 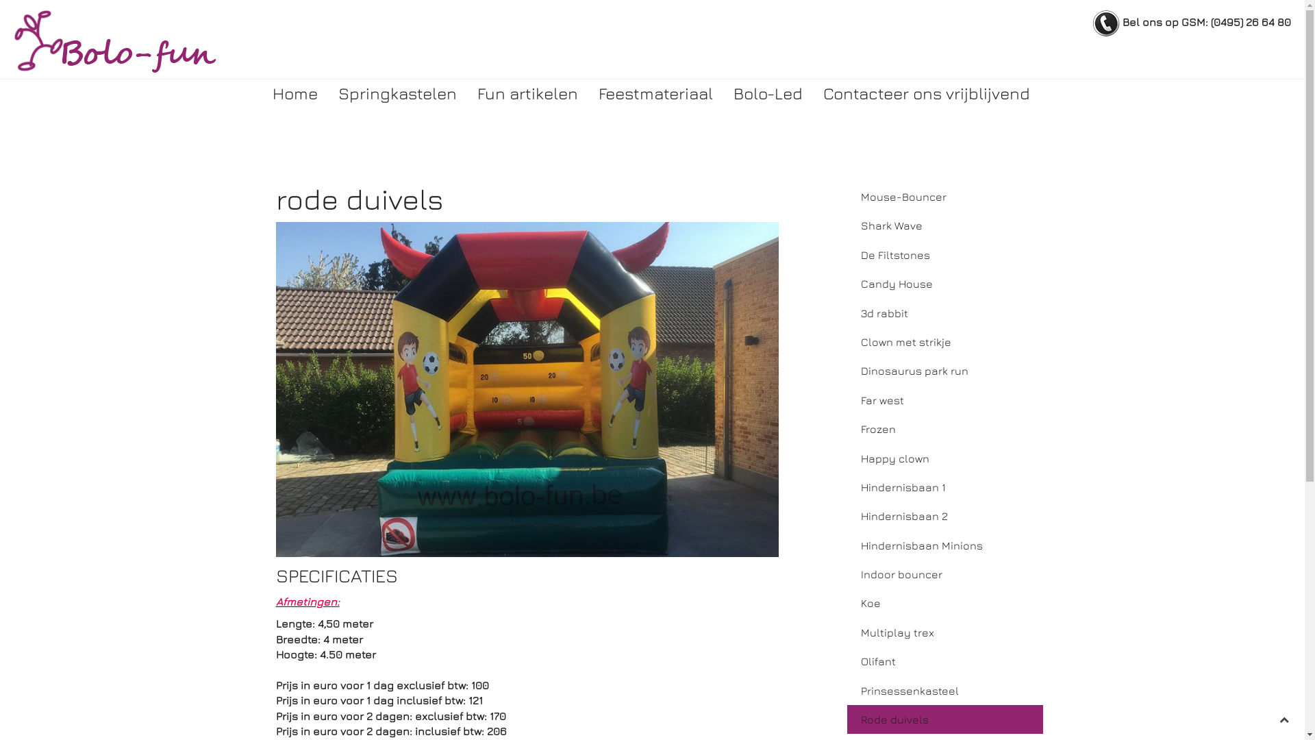 What do you see at coordinates (294, 92) in the screenshot?
I see `'Home'` at bounding box center [294, 92].